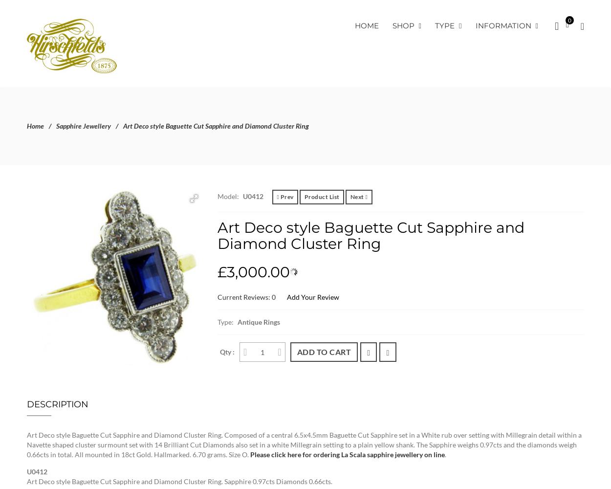 This screenshot has height=489, width=611. What do you see at coordinates (227, 351) in the screenshot?
I see `'Qty :'` at bounding box center [227, 351].